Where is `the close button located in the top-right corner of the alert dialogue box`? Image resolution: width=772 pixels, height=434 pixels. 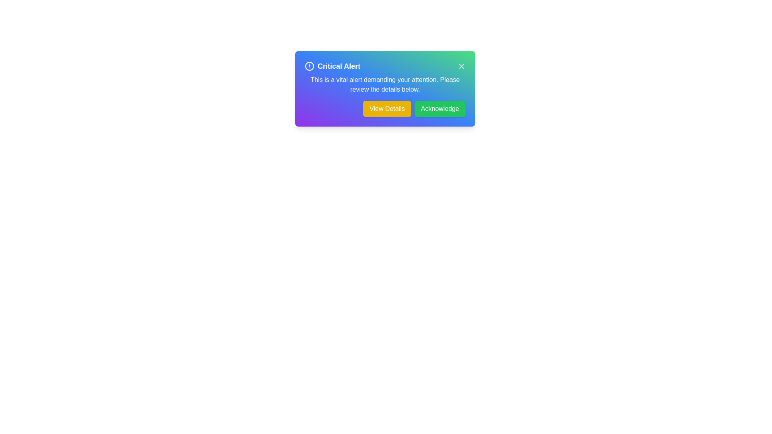 the close button located in the top-right corner of the alert dialogue box is located at coordinates (461, 66).